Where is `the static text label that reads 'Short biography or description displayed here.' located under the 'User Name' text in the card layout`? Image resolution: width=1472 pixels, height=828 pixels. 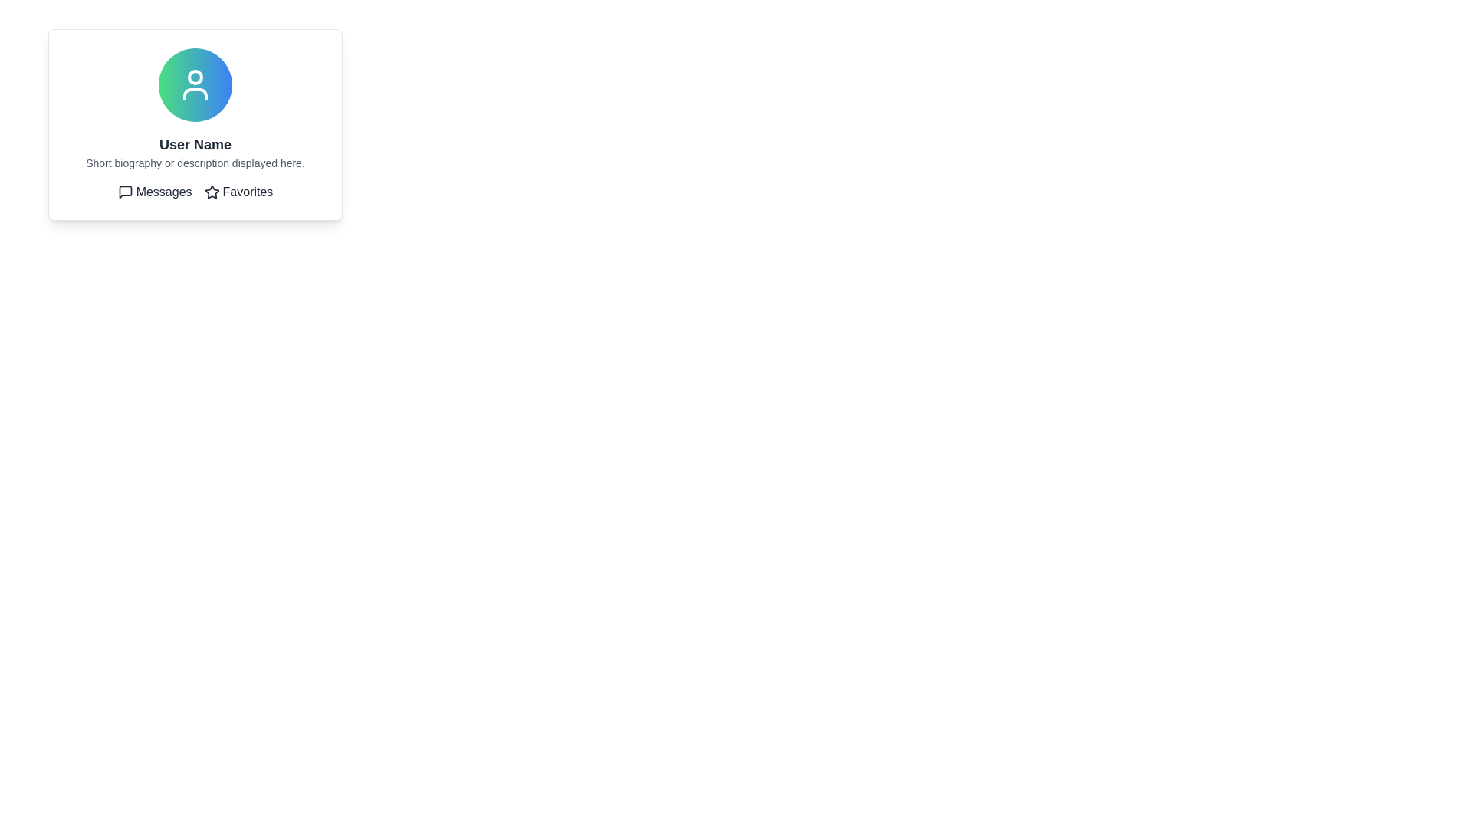 the static text label that reads 'Short biography or description displayed here.' located under the 'User Name' text in the card layout is located at coordinates (194, 163).